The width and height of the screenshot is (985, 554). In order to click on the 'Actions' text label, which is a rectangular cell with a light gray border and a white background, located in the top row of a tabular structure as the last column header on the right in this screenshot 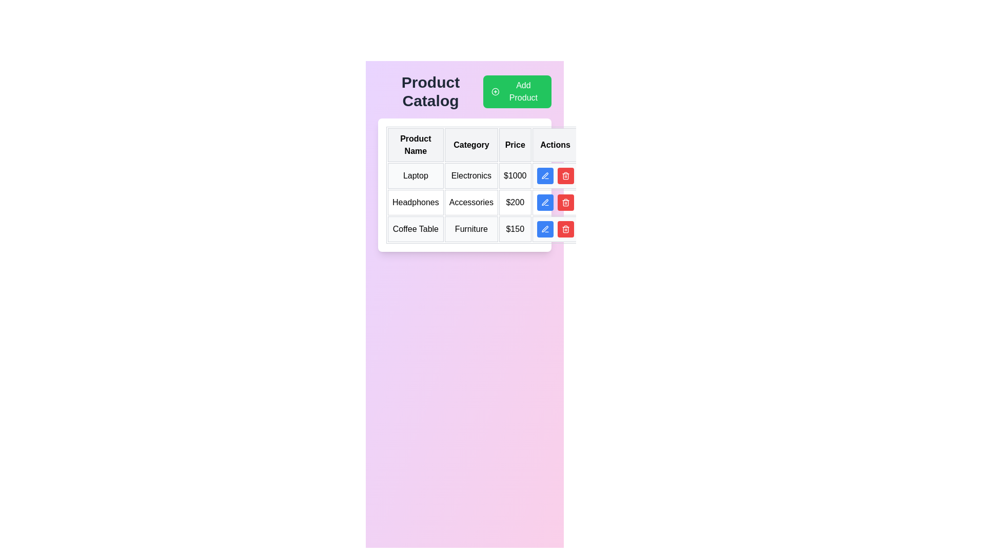, I will do `click(555, 145)`.